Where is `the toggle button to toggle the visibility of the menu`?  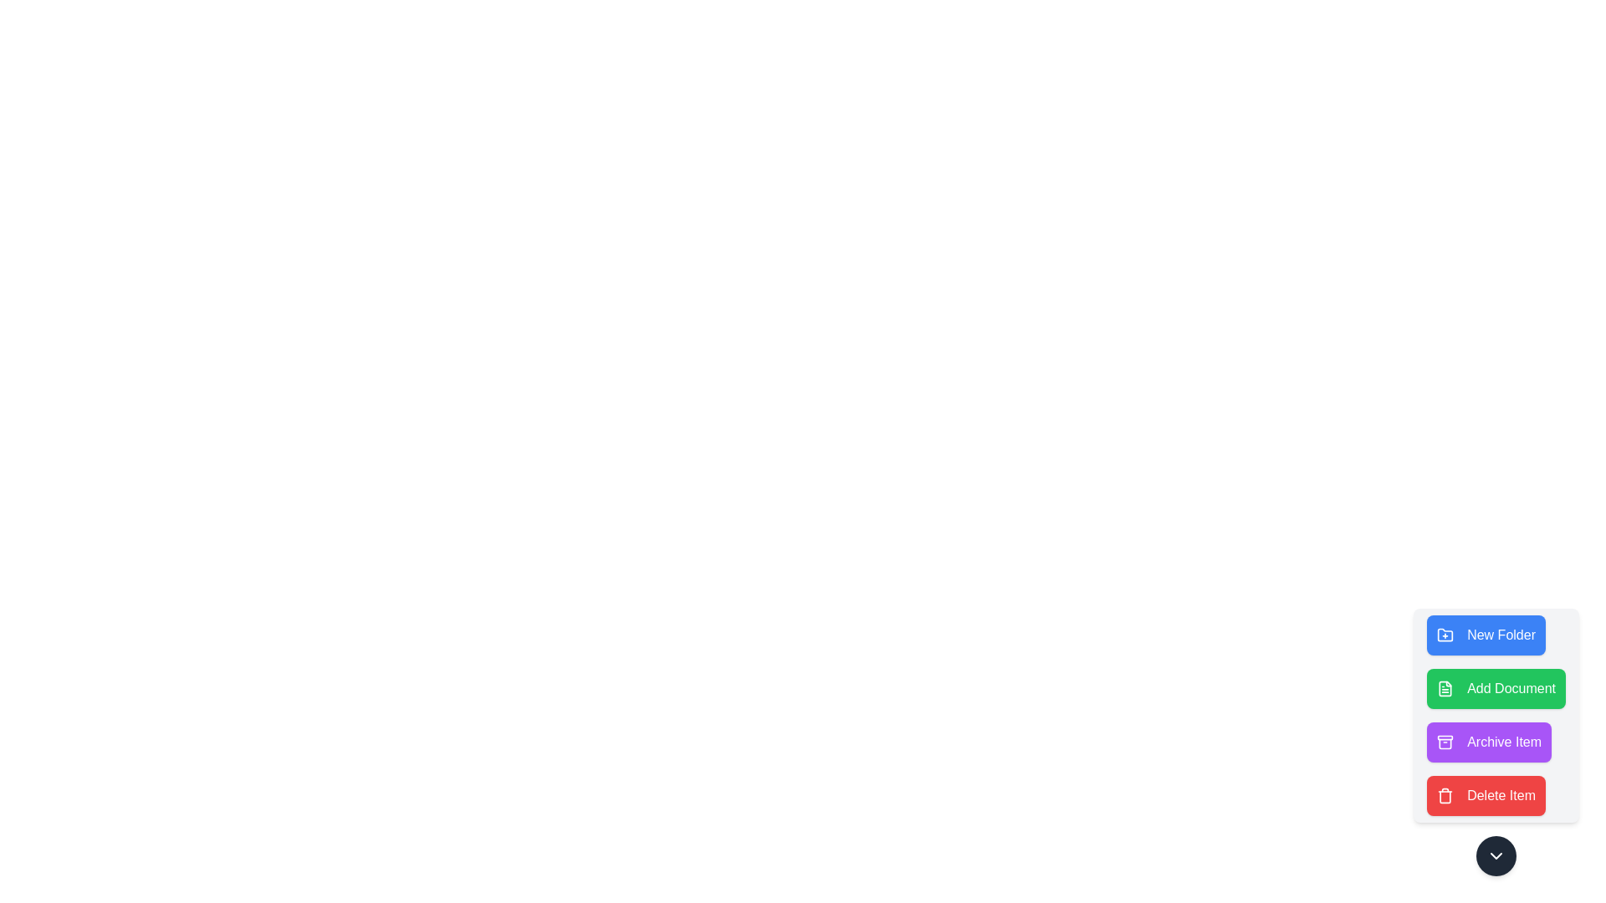
the toggle button to toggle the visibility of the menu is located at coordinates (1496, 855).